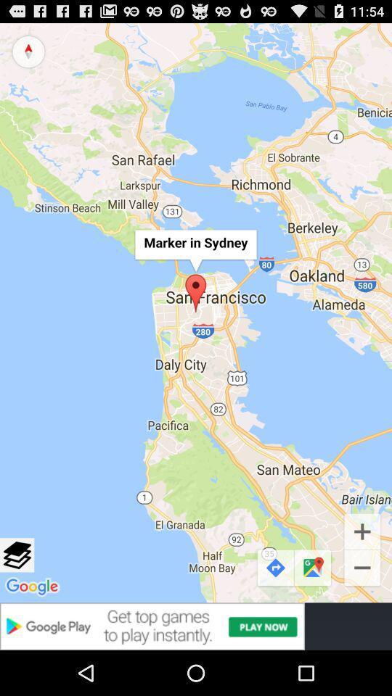  I want to click on here, so click(16, 554).